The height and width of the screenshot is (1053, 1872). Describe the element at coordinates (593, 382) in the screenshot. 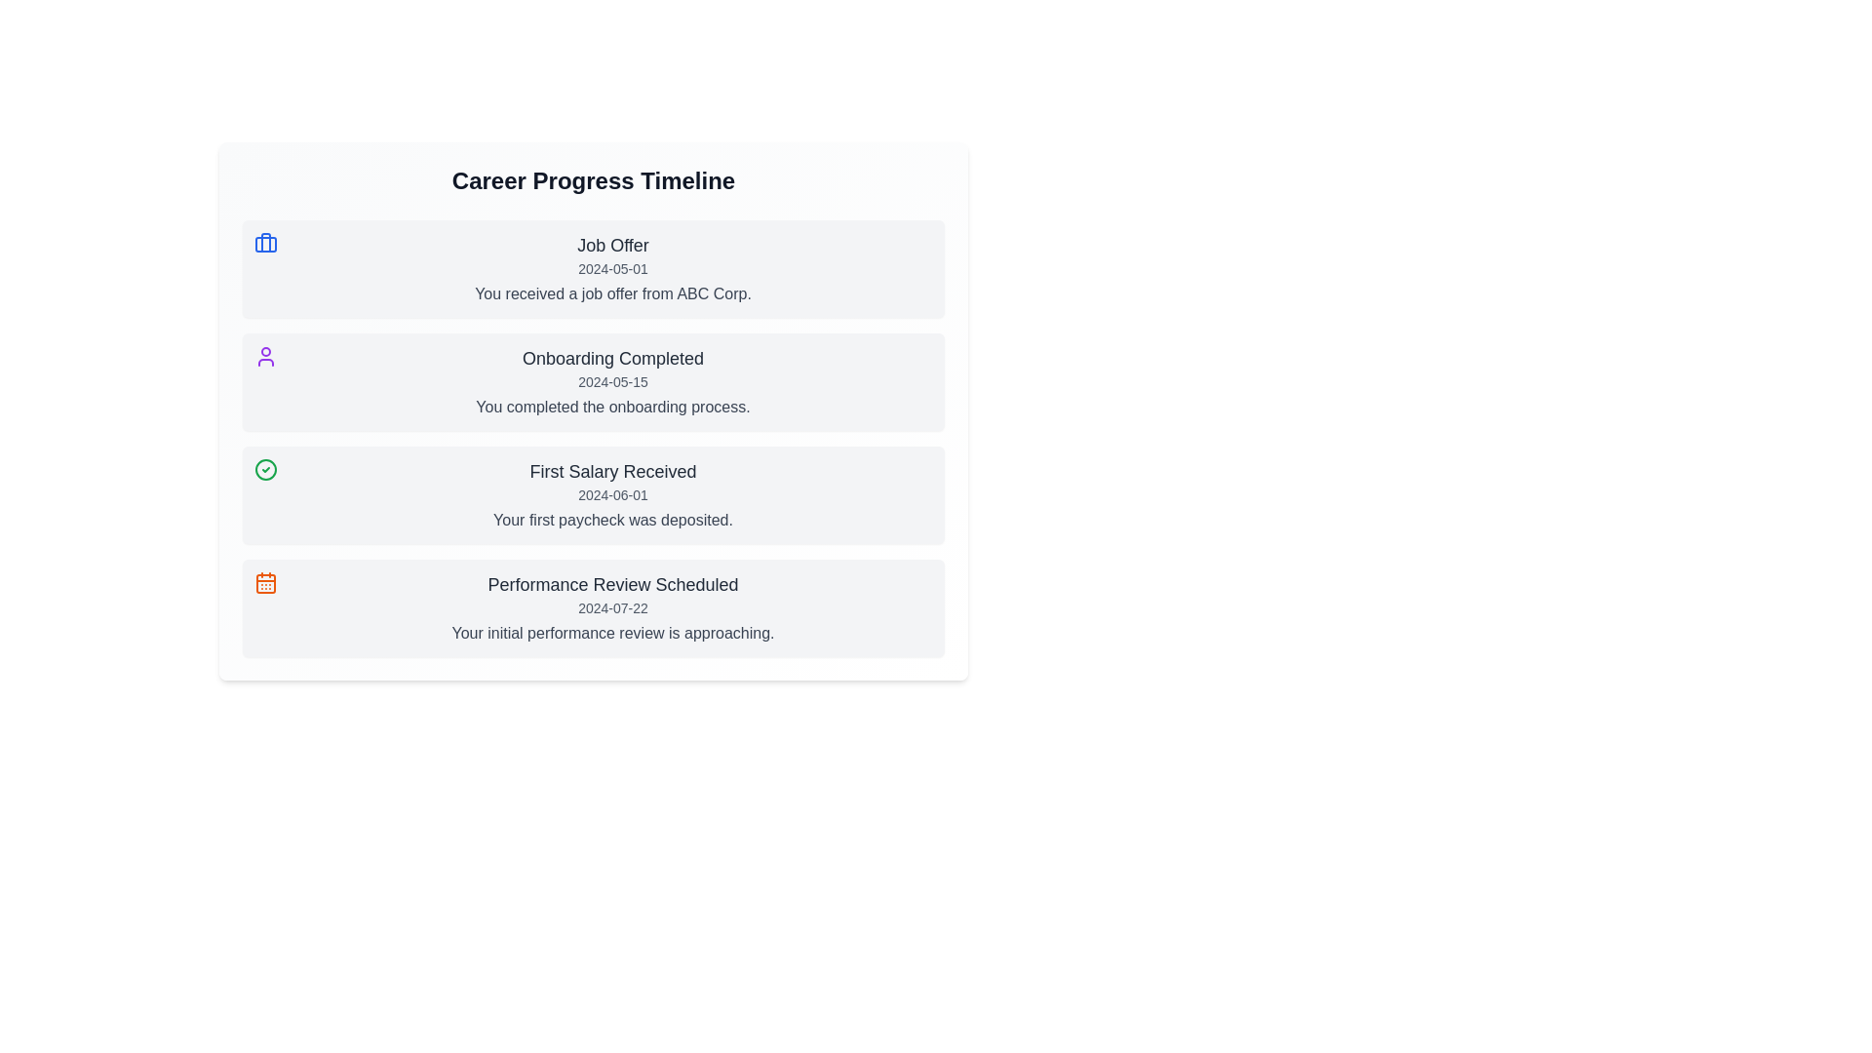

I see `the Informational Card that indicates 'Onboarding Completed' in the career progress timeline, located between 'Job Offer' and 'First Salary Received'` at that location.